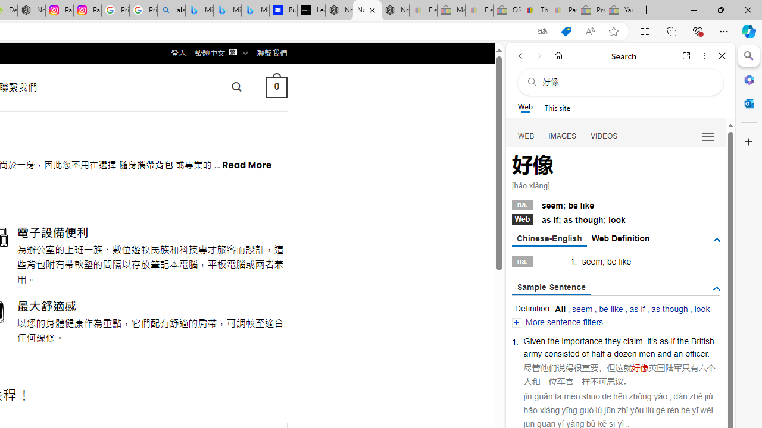  What do you see at coordinates (648, 341) in the screenshot?
I see `'it'` at bounding box center [648, 341].